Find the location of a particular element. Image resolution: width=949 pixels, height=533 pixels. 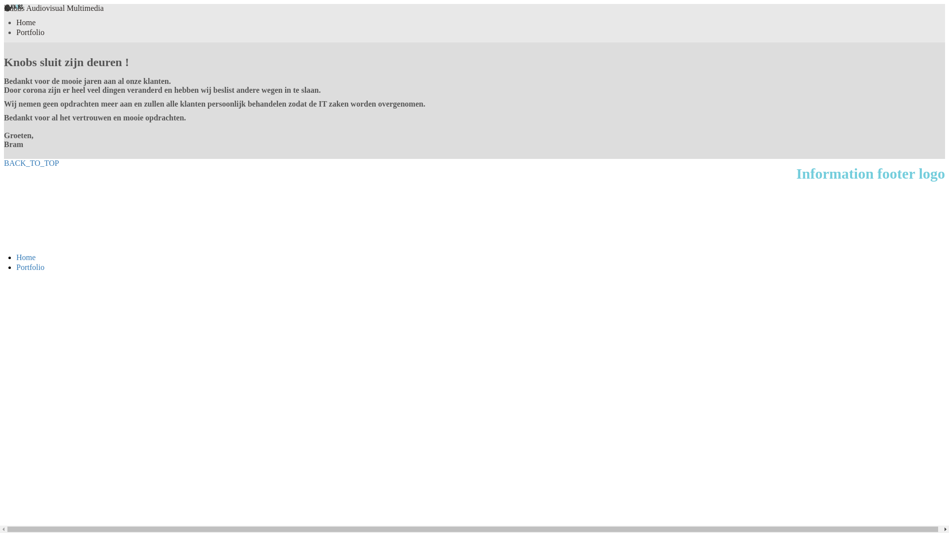

'BACK_TO_TOP' is located at coordinates (4, 162).